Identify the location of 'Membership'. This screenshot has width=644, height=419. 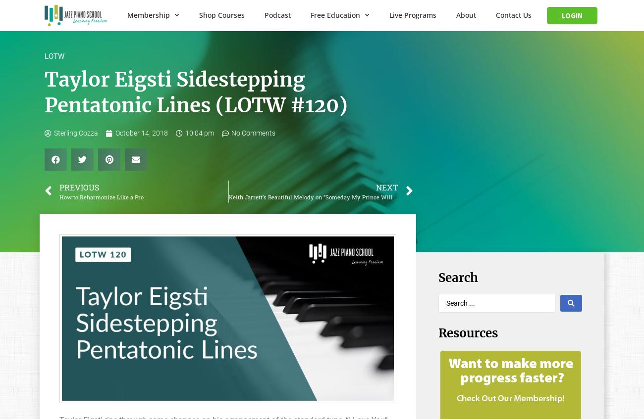
(149, 14).